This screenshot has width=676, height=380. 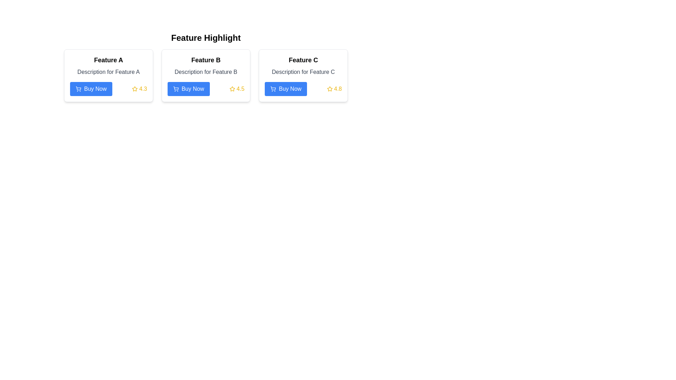 What do you see at coordinates (334, 89) in the screenshot?
I see `the rating score displayed in the yellow star icon followed by the text '4.8' located at the bottom-right corner of the 'Feature C' card` at bounding box center [334, 89].